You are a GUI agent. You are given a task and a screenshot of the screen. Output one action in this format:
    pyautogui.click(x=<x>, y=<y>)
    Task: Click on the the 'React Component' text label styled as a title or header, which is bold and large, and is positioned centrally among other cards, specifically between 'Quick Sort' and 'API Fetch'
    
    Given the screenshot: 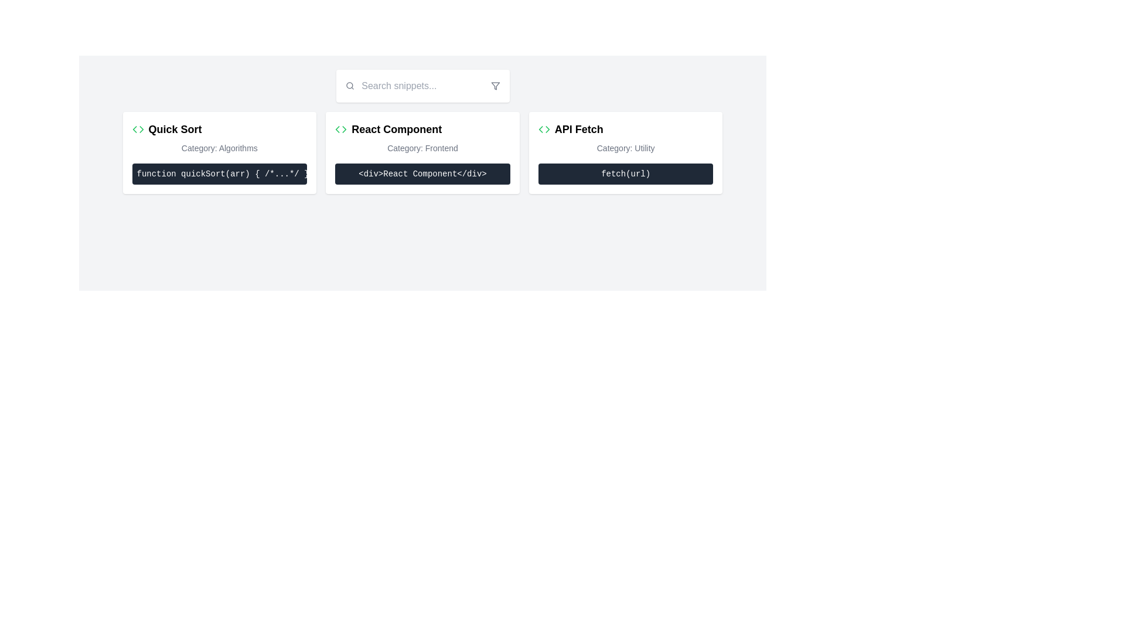 What is the action you would take?
    pyautogui.click(x=397, y=129)
    